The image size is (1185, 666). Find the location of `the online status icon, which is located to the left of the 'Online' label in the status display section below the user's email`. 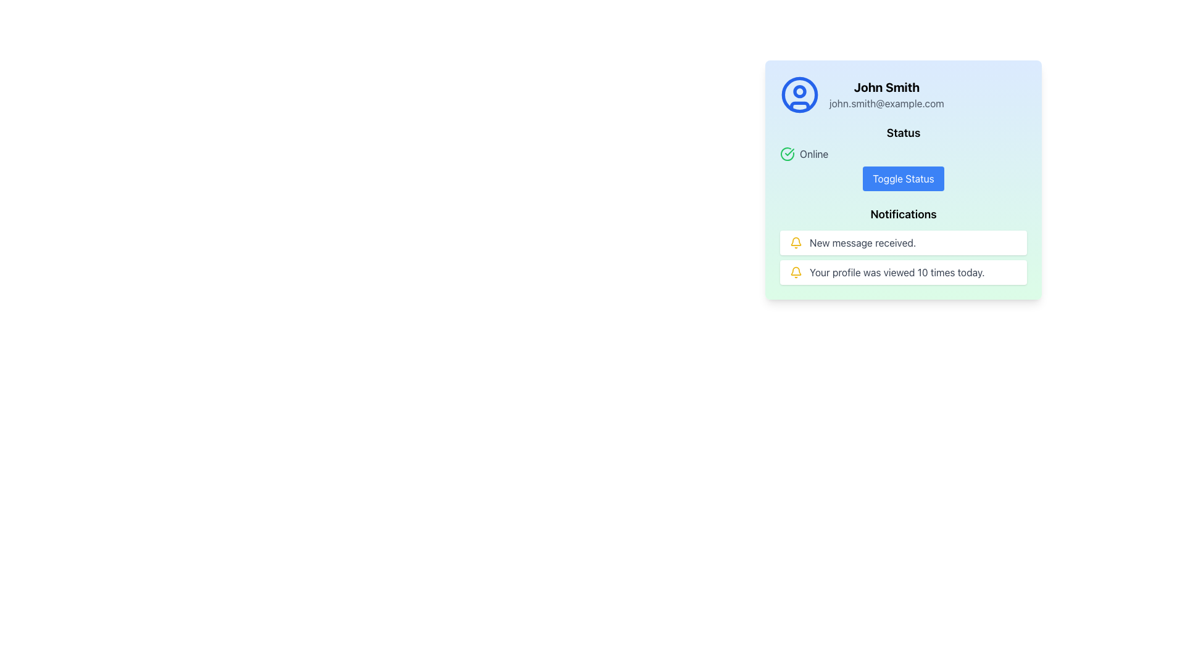

the online status icon, which is located to the left of the 'Online' label in the status display section below the user's email is located at coordinates (787, 154).